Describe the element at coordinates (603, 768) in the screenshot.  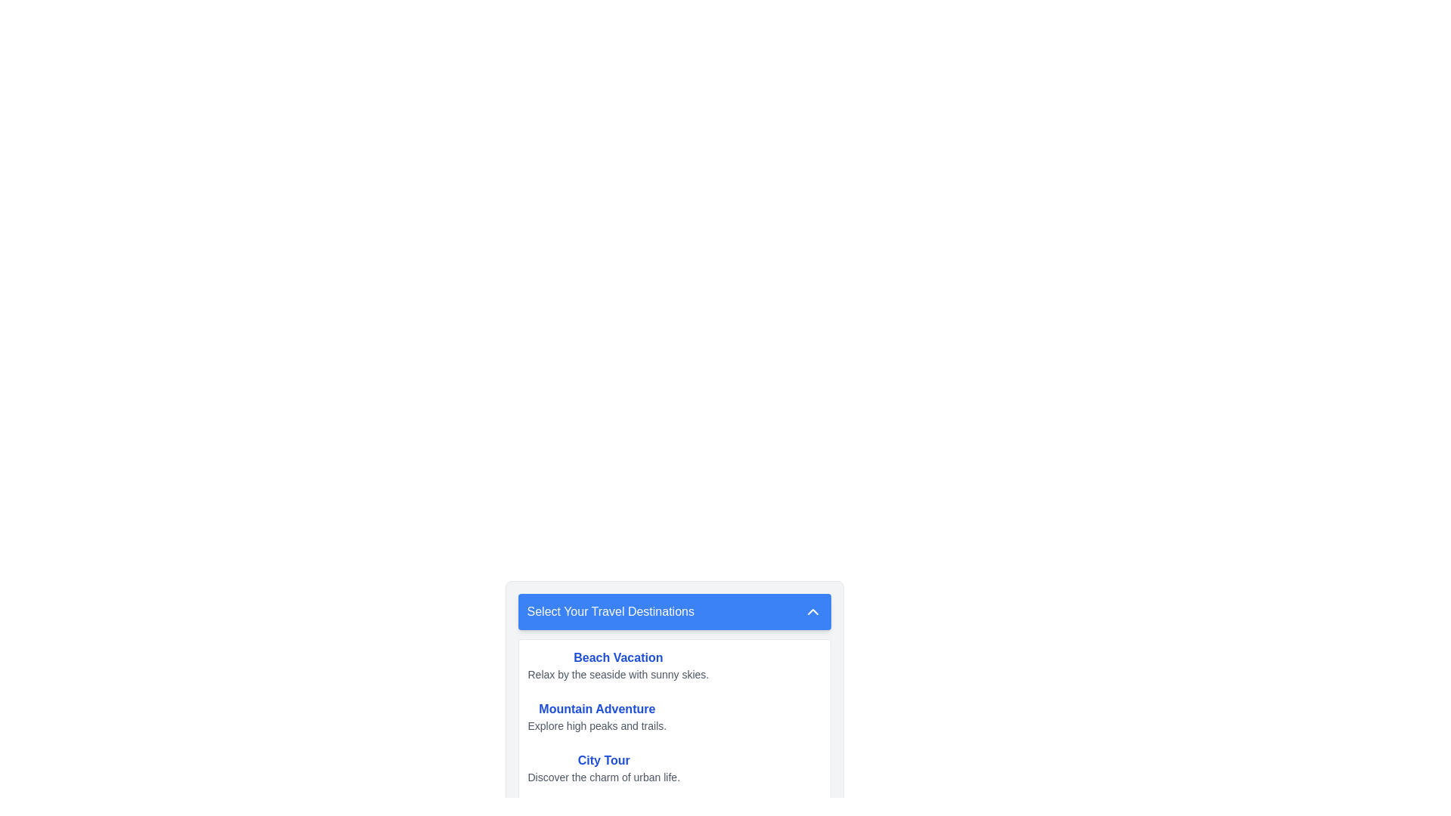
I see `keyboard navigation` at that location.